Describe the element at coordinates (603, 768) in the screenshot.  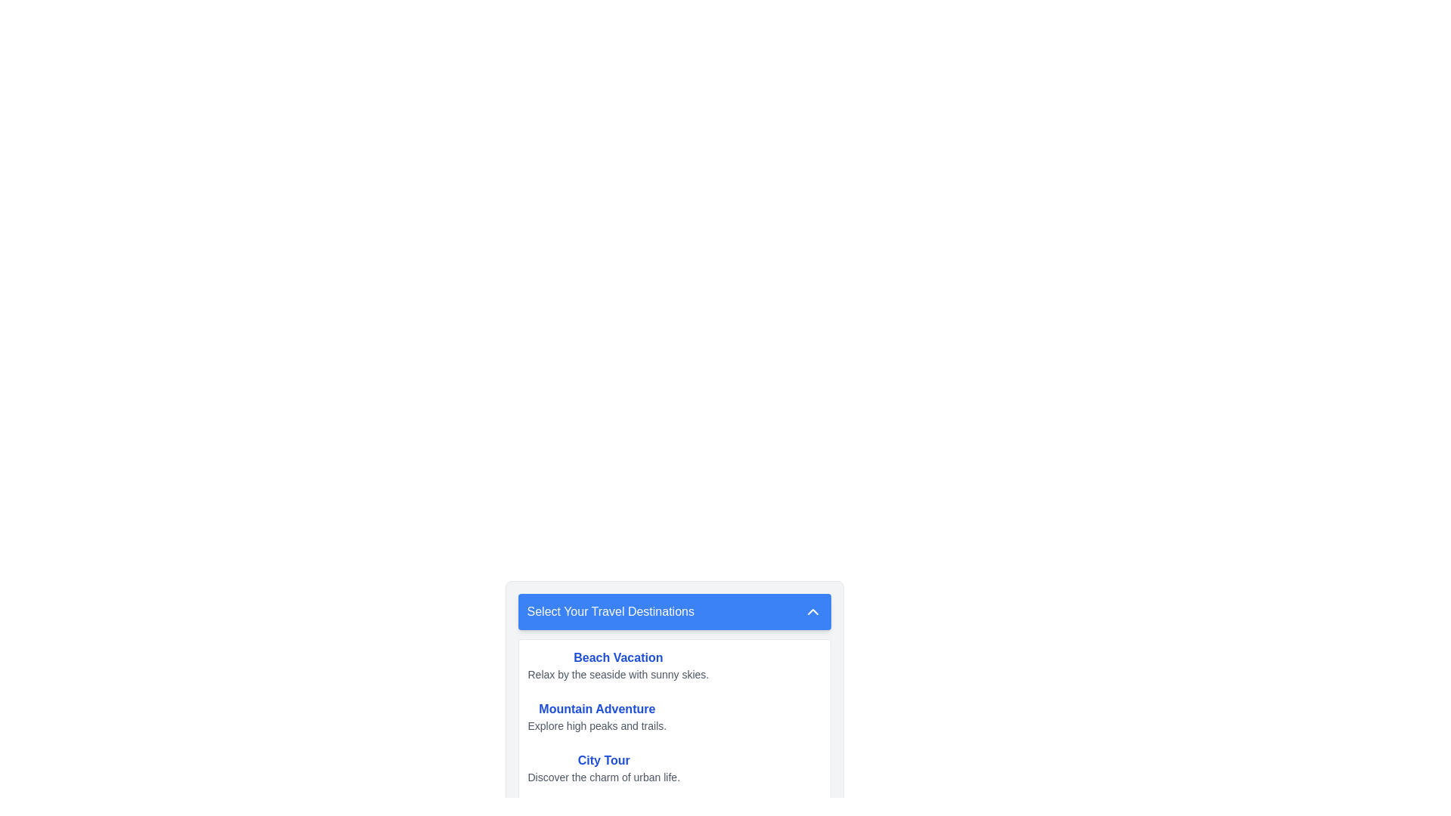
I see `keyboard navigation` at that location.